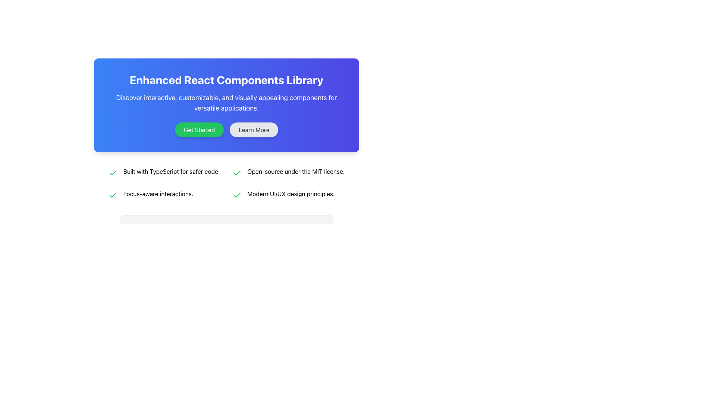 The height and width of the screenshot is (402, 716). What do you see at coordinates (236, 173) in the screenshot?
I see `the green checkmark icon that is centrally aligned next to the text 'Open-source under the MIT license.'` at bounding box center [236, 173].